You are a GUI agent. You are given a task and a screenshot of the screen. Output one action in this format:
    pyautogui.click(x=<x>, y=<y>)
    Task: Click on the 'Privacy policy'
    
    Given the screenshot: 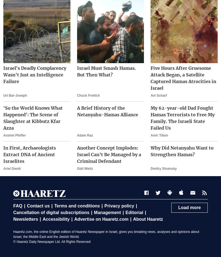 What is the action you would take?
    pyautogui.click(x=119, y=205)
    